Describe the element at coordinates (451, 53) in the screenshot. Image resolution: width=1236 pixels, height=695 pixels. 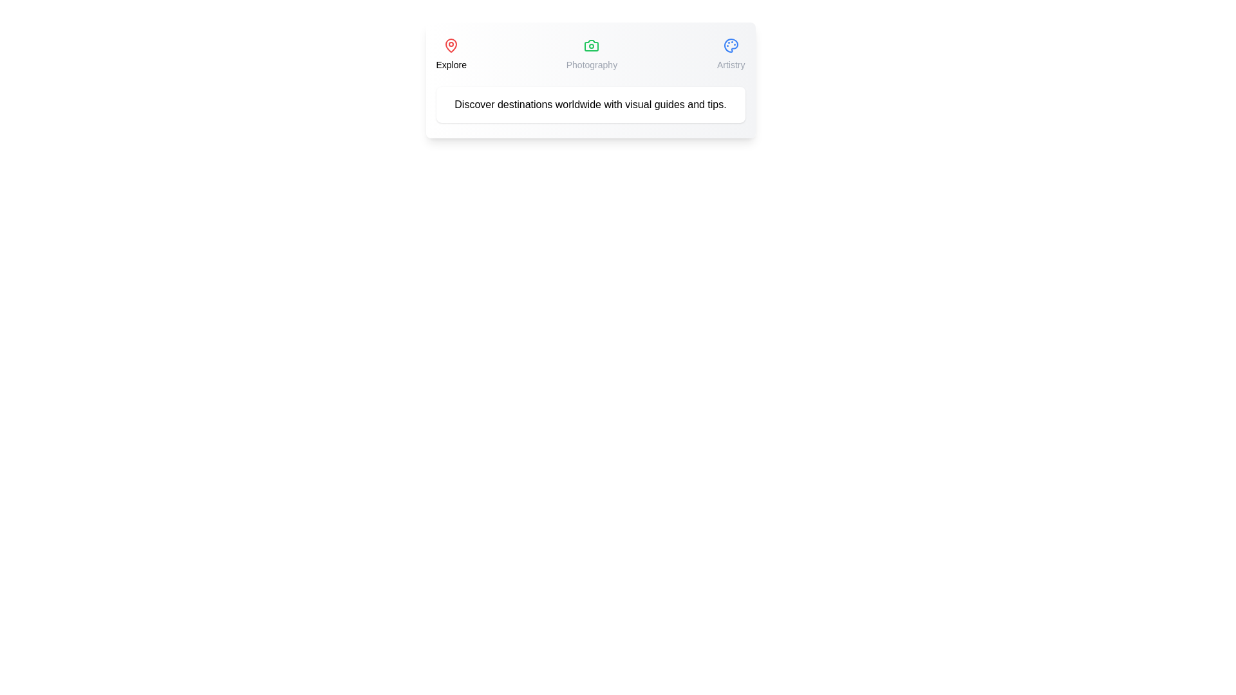
I see `the tab labeled Explore to view its content` at that location.